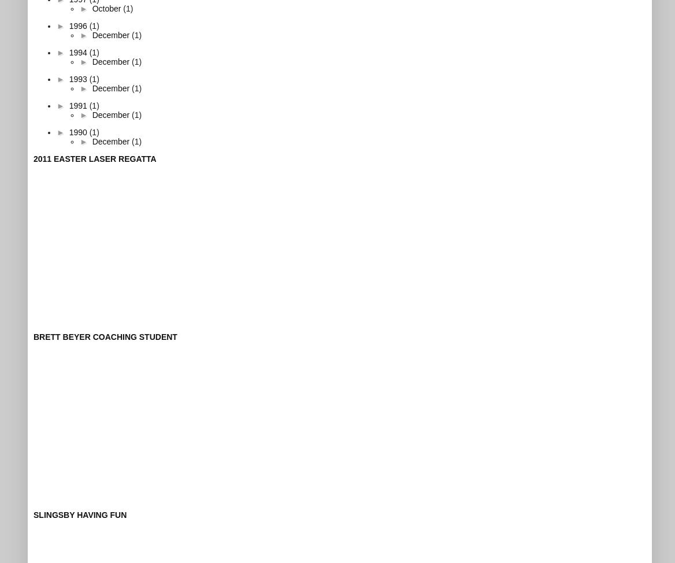 The image size is (675, 563). What do you see at coordinates (94, 157) in the screenshot?
I see `'2011 Easter Laser Regatta'` at bounding box center [94, 157].